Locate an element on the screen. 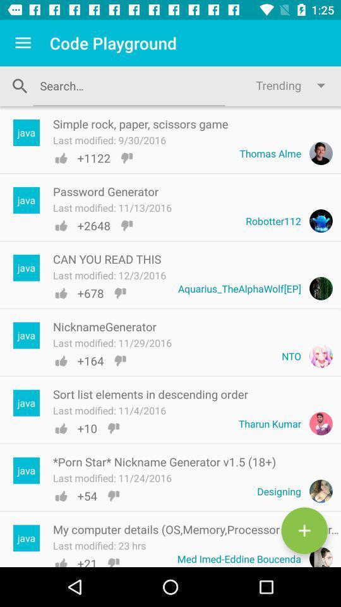  the search is located at coordinates (128, 85).